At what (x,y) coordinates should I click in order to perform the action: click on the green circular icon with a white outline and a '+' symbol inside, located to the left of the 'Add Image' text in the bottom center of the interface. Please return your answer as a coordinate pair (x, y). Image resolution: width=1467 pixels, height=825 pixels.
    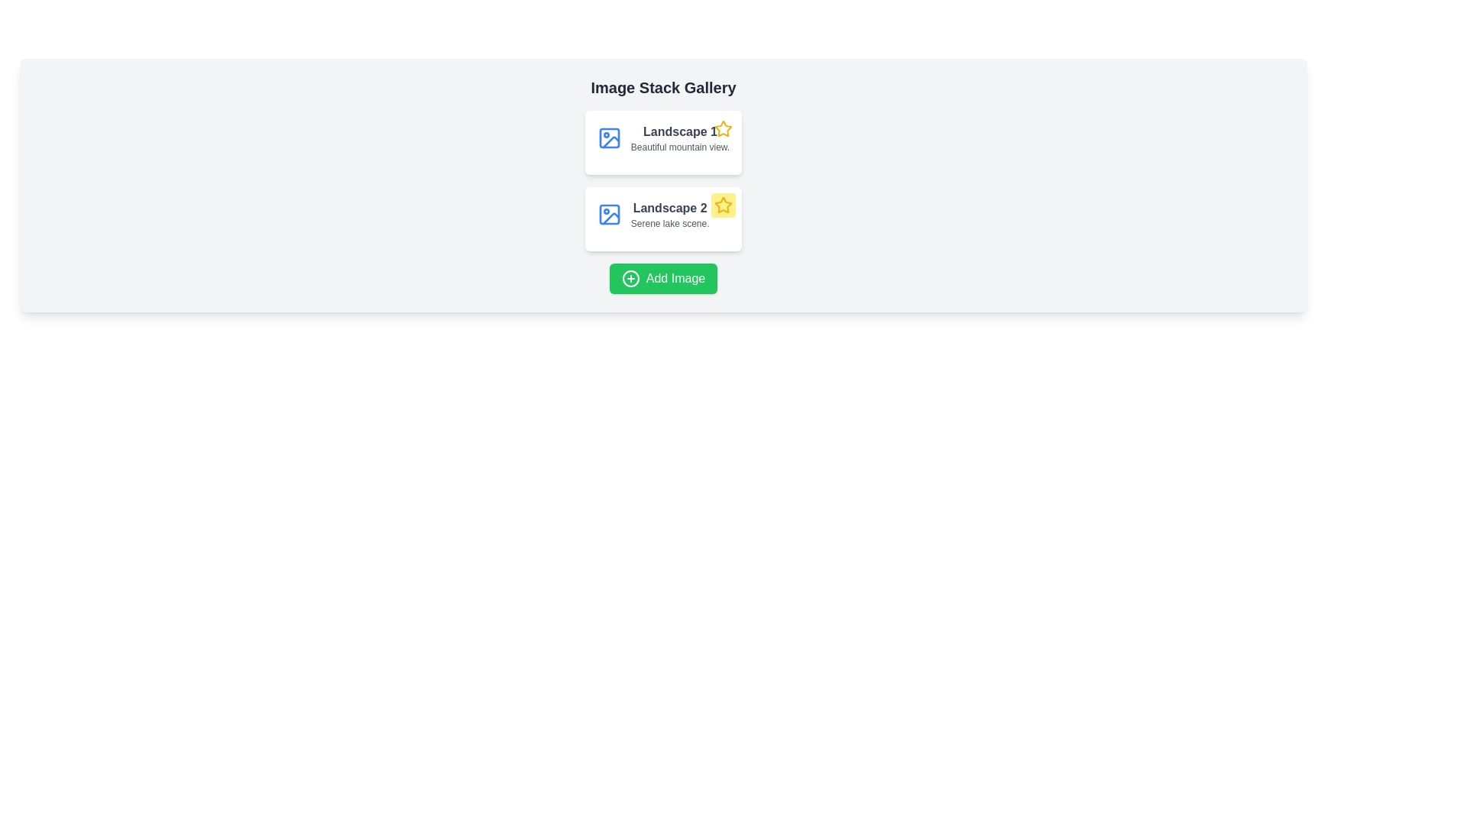
    Looking at the image, I should click on (630, 279).